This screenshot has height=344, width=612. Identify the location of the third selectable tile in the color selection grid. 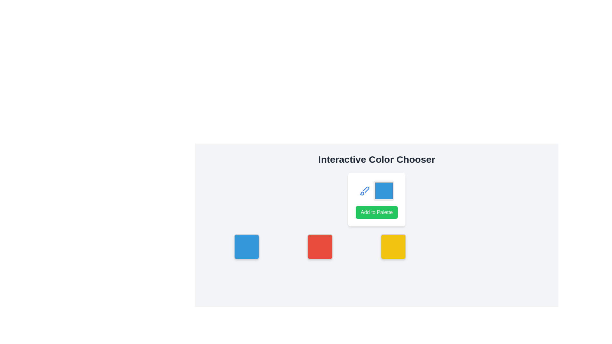
(393, 247).